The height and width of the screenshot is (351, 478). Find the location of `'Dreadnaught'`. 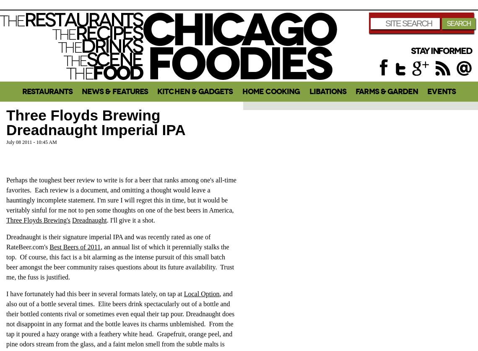

'Dreadnaught' is located at coordinates (89, 219).